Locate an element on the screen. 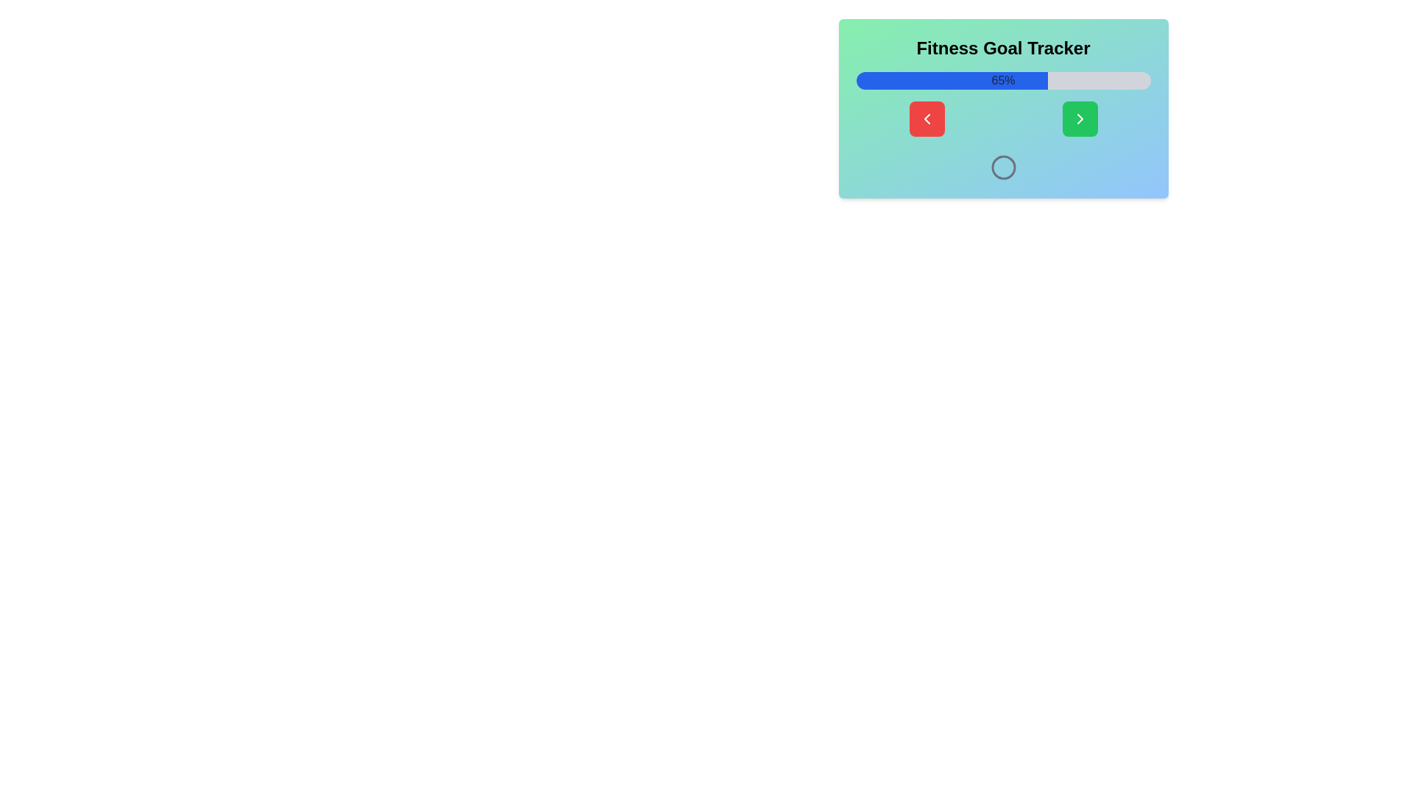 Image resolution: width=1413 pixels, height=794 pixels. the leftward navigation icon located in the red button area of the card UI is located at coordinates (926, 118).